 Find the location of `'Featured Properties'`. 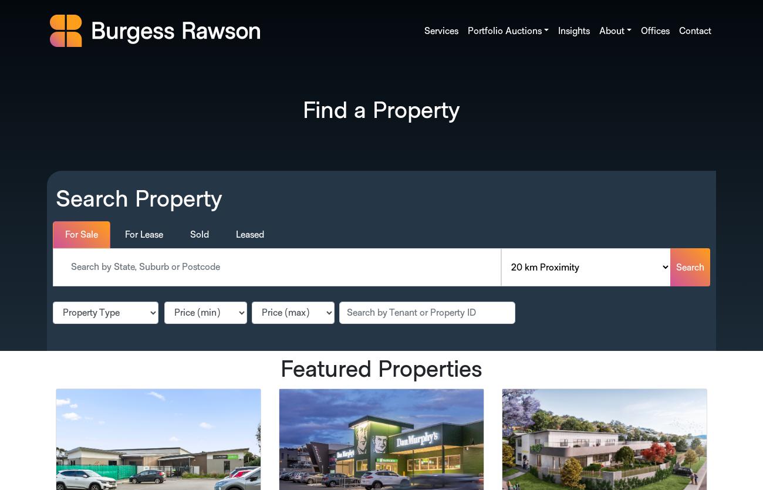

'Featured Properties' is located at coordinates (381, 369).